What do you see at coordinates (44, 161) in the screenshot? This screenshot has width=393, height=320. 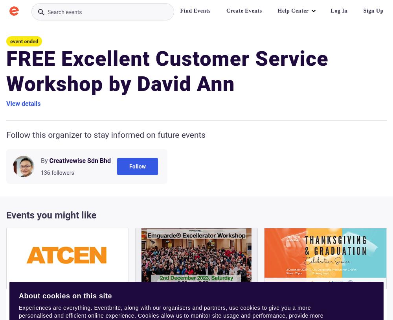 I see `'By'` at bounding box center [44, 161].